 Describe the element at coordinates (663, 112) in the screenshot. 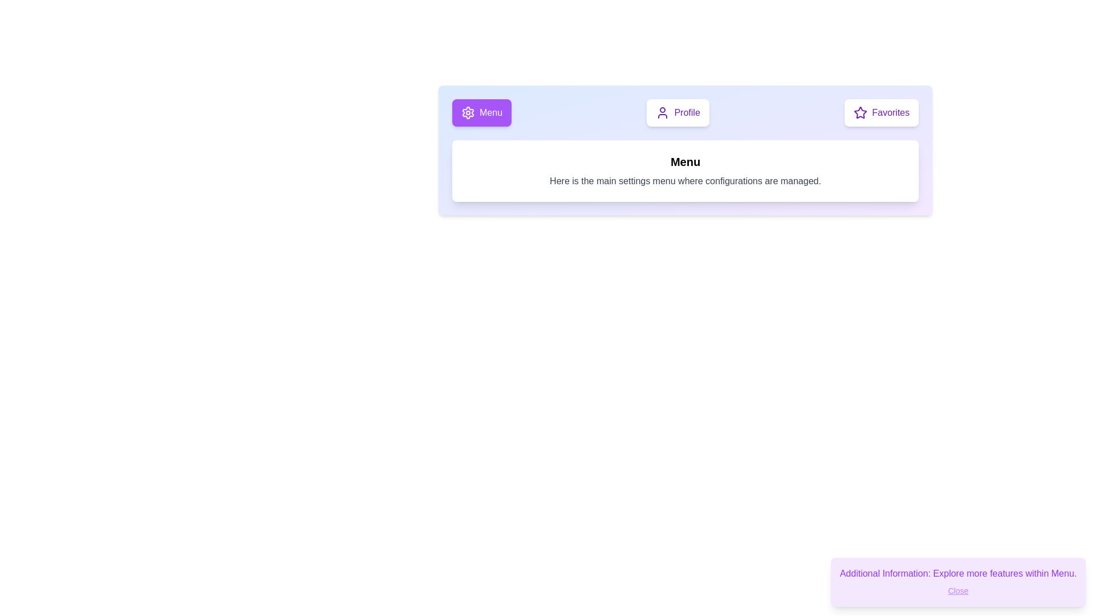

I see `the user profile silhouette icon located within the 'Profile' button, which is part of a horizontally aligned group of options` at that location.